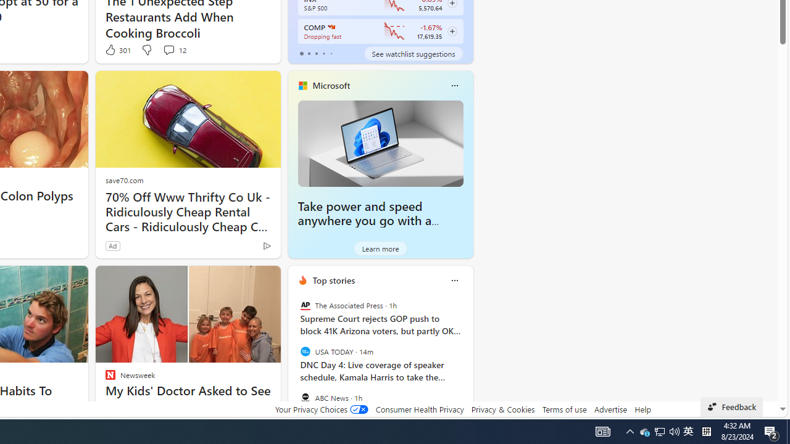  I want to click on 'tab-2', so click(316, 53).